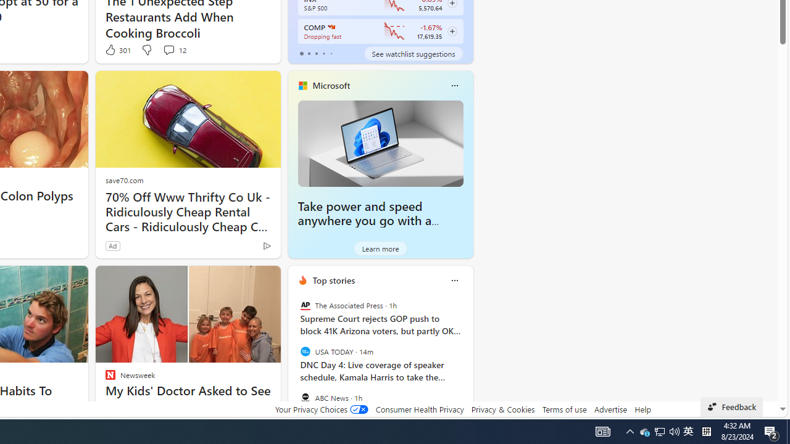  I want to click on 'tab-2', so click(316, 53).